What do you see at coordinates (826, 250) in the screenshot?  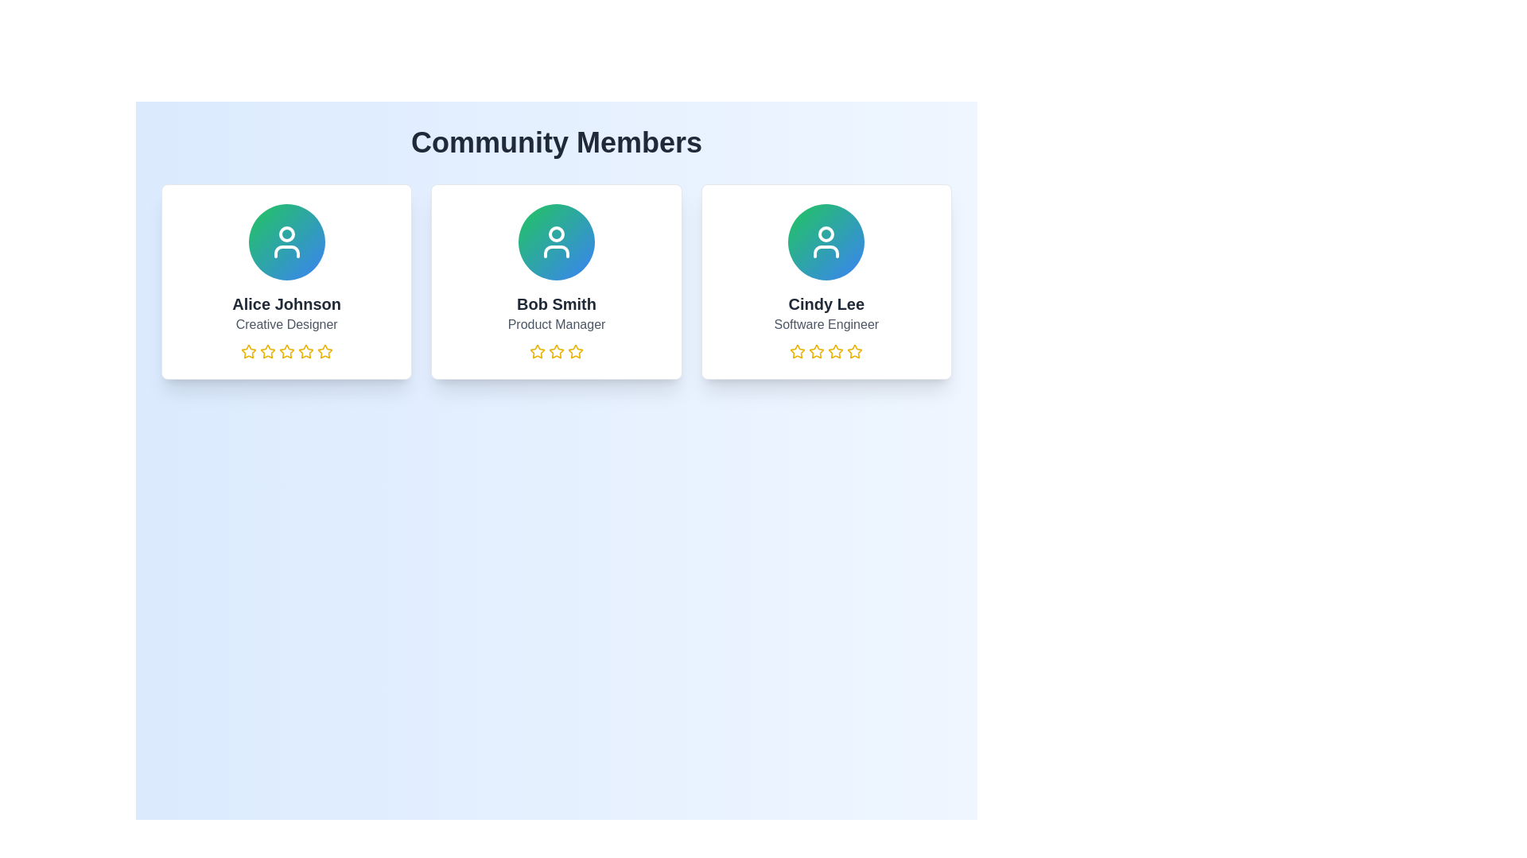 I see `the lower segment of the user icon graphic representing Cindy Lee in the Community Members section` at bounding box center [826, 250].